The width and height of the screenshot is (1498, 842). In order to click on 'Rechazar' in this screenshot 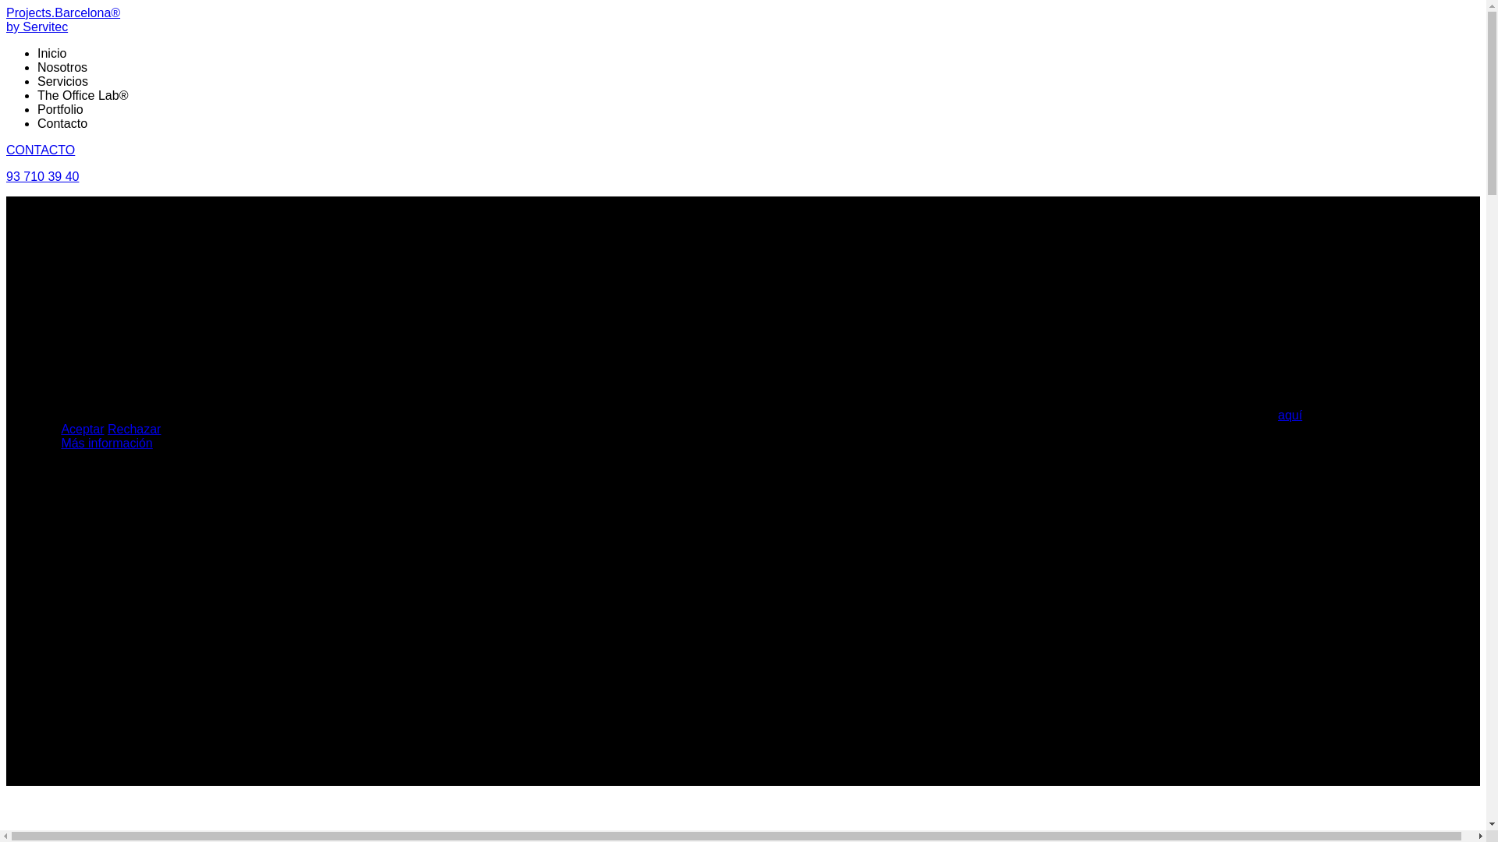, I will do `click(134, 429)`.